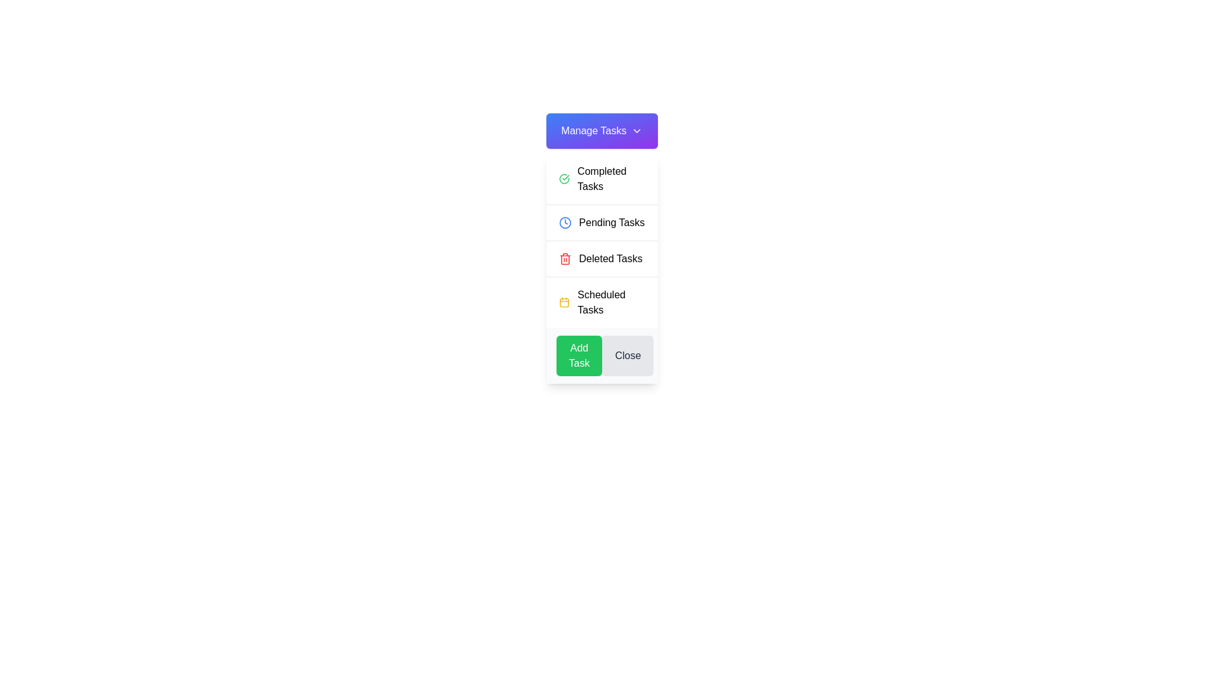  What do you see at coordinates (602, 222) in the screenshot?
I see `the 'Pending Tasks' button, which is a clickable rectangular button with a light background and text, positioned below 'Completed Tasks' and above 'Deleted Tasks' in the 'Manage Tasks' section` at bounding box center [602, 222].